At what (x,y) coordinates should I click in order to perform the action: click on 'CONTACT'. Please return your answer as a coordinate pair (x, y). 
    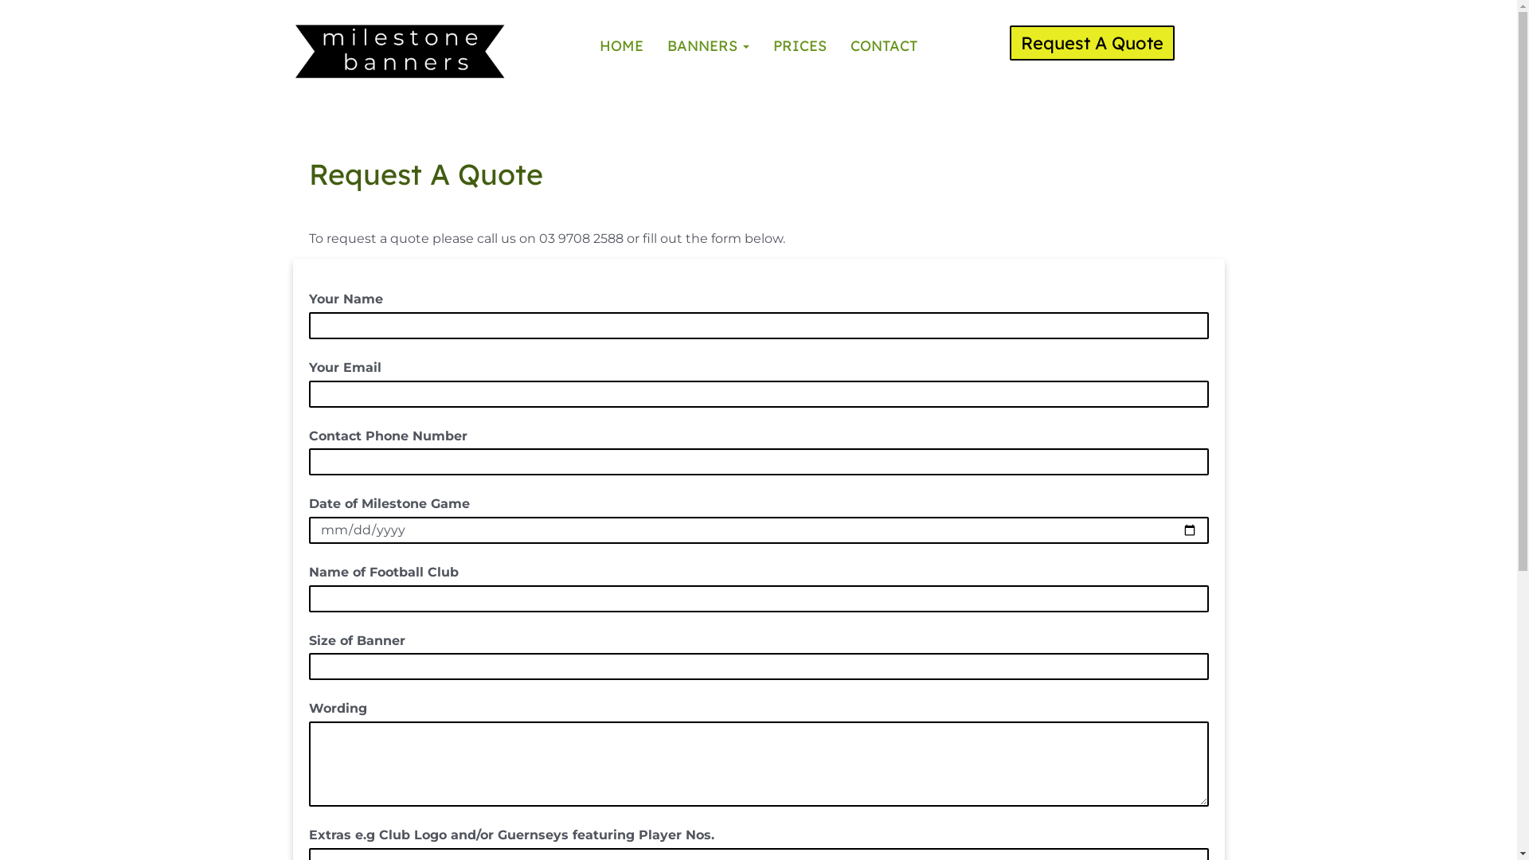
    Looking at the image, I should click on (882, 45).